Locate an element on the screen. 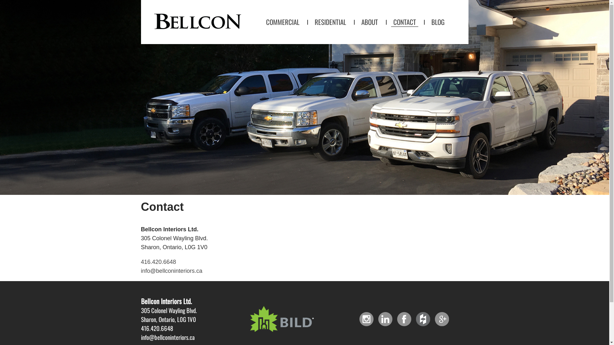  '416.420.6648' is located at coordinates (158, 262).